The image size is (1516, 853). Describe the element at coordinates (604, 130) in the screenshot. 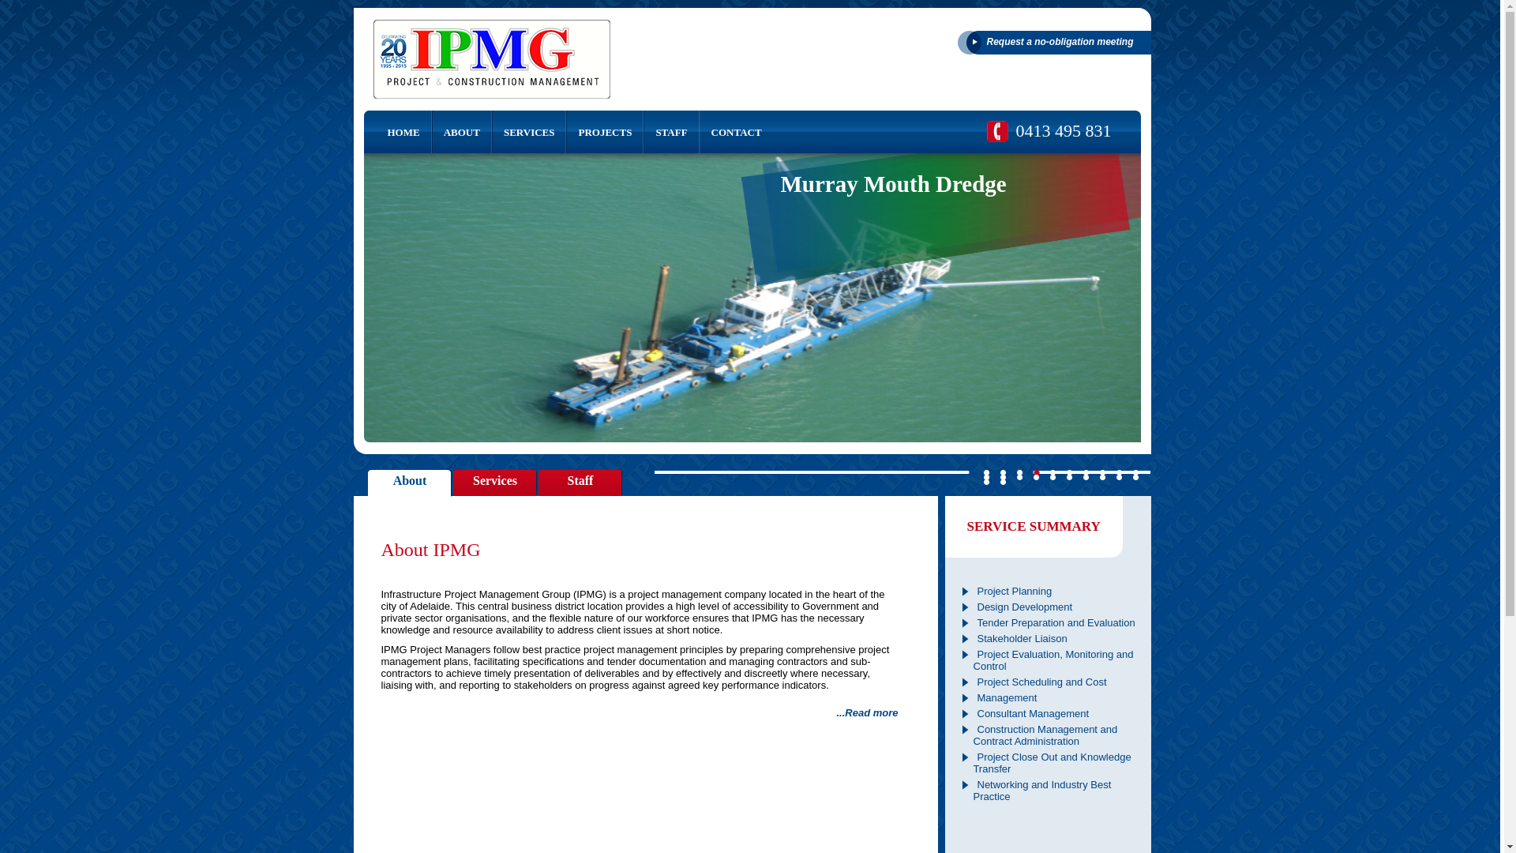

I see `'PROJECTS'` at that location.